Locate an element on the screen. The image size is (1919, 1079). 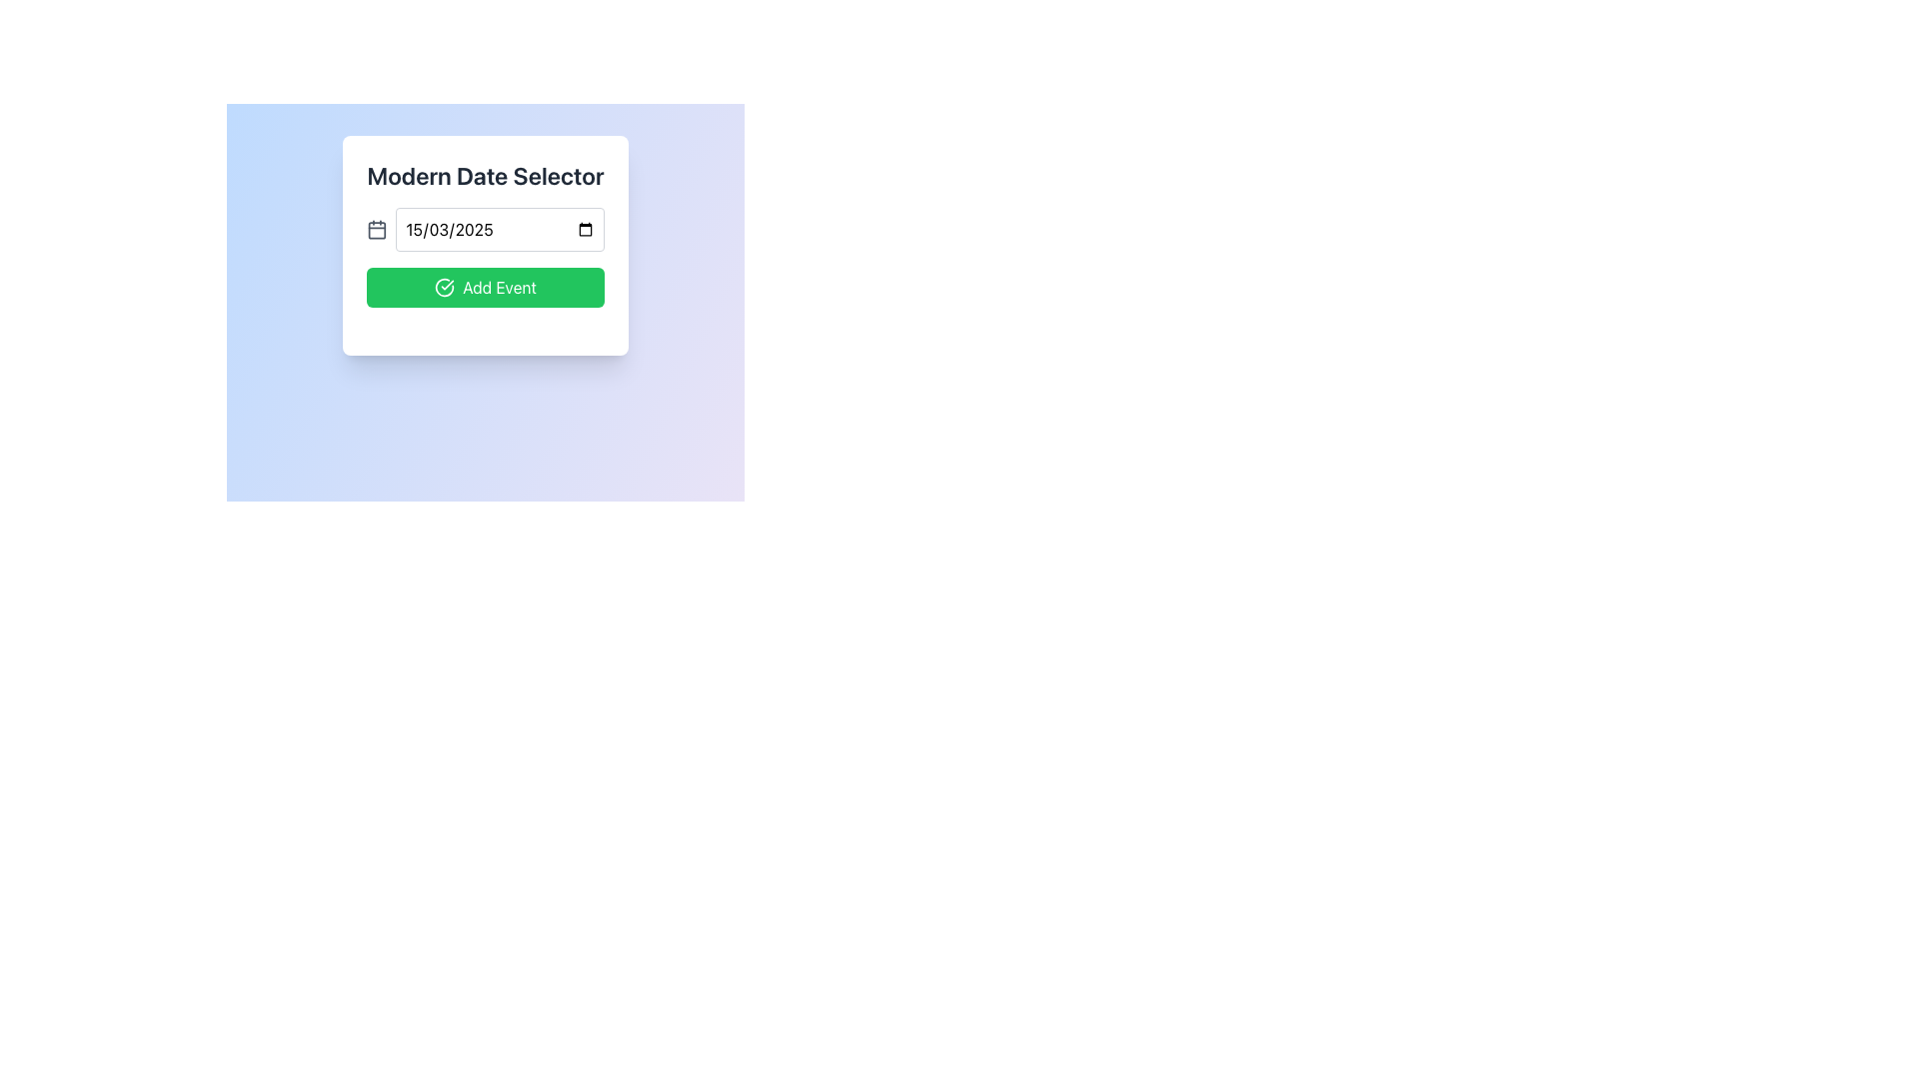
the date input field displaying '15/03/2025', styled with a rounded border and white background, located in the 'Modern Date Selector' modal is located at coordinates (500, 229).